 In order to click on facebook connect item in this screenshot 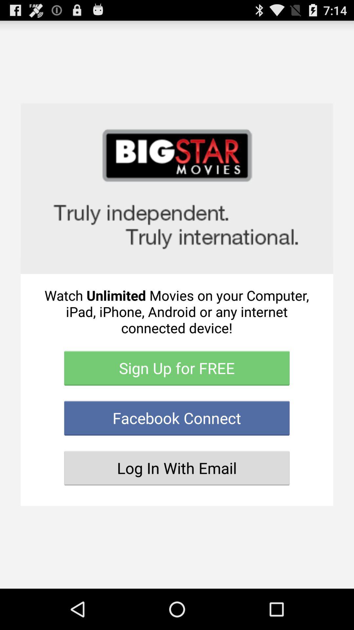, I will do `click(176, 418)`.